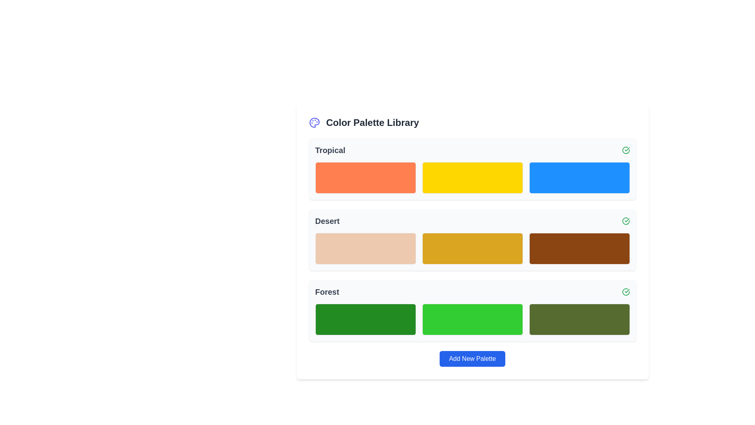 Image resolution: width=755 pixels, height=425 pixels. I want to click on the first color palette tile in the 'Desert' row, which represents a specific color, so click(365, 249).